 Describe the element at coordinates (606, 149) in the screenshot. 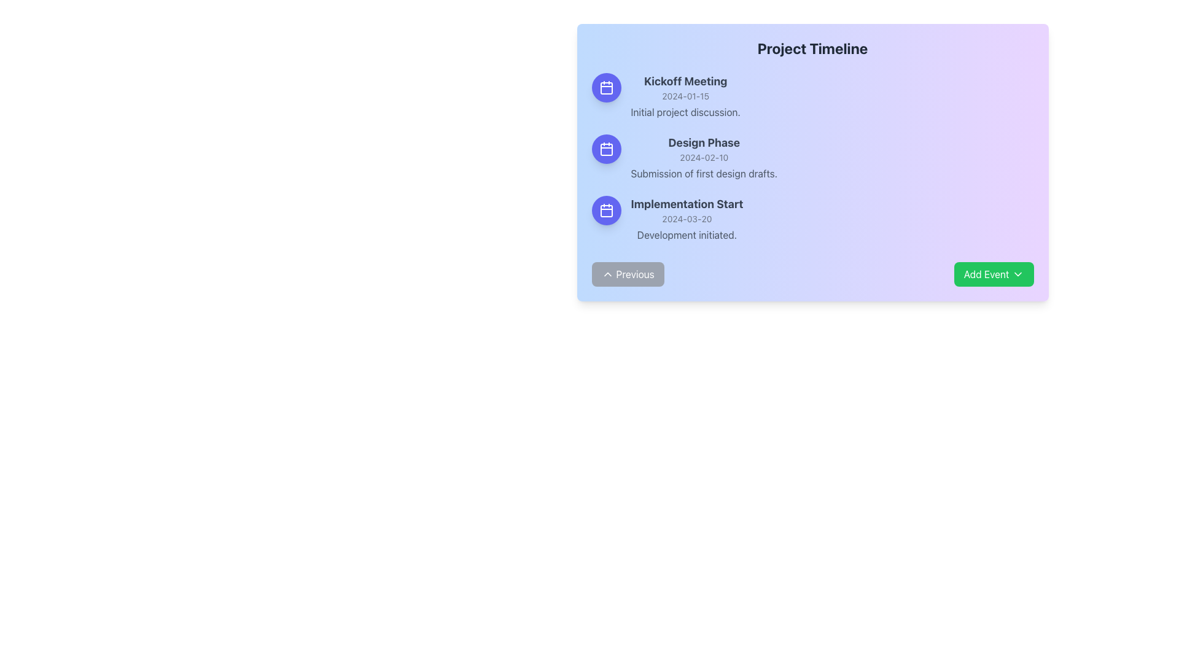

I see `the small rectangle with rounded corners inside the larger calendar icon associated with the 'Design Phase' section` at that location.